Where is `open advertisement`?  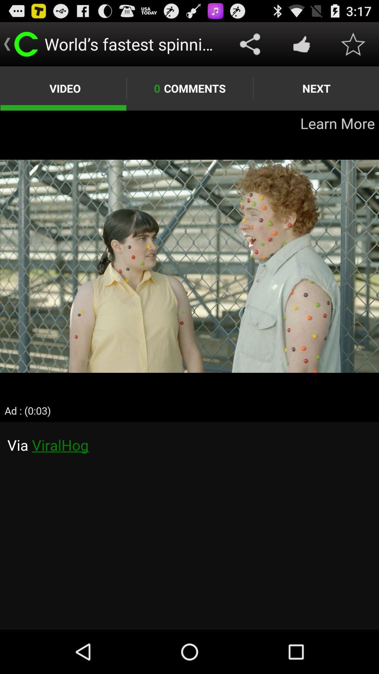 open advertisement is located at coordinates (189, 266).